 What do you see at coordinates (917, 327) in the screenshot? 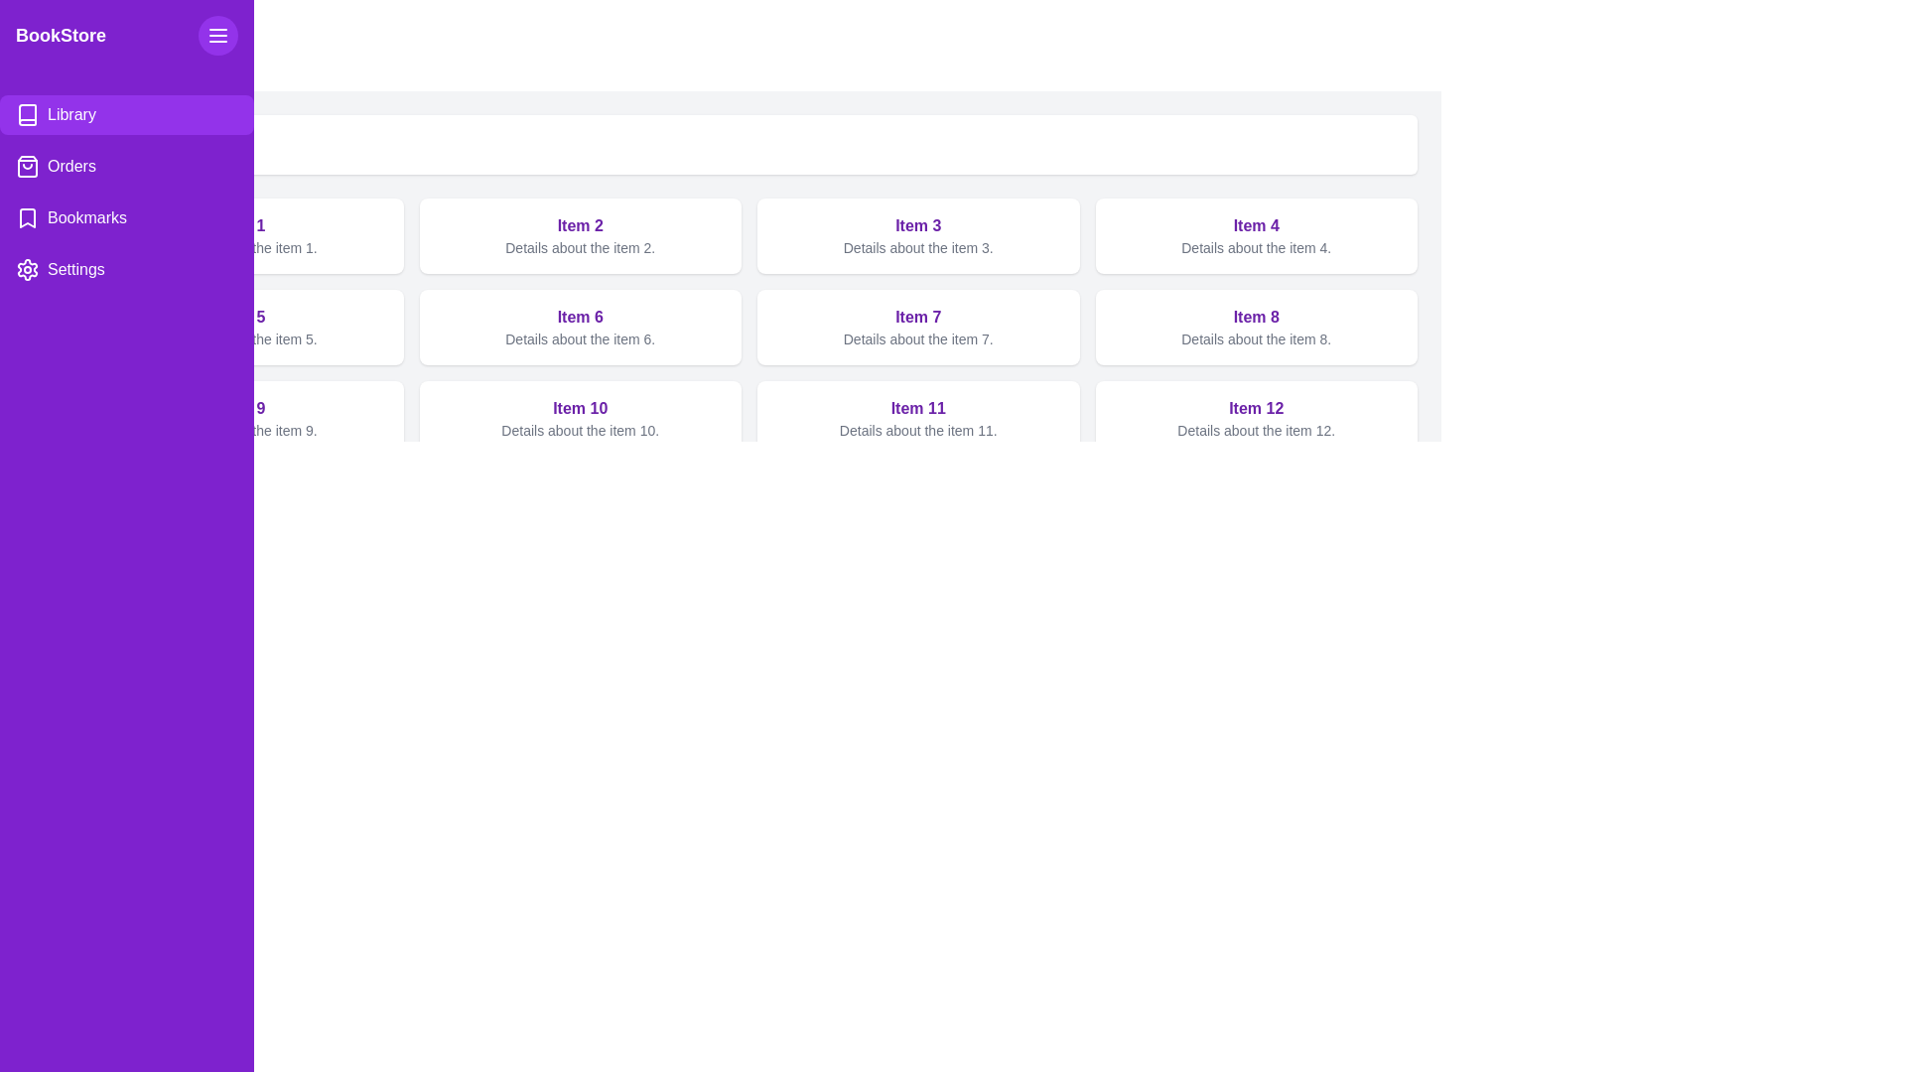
I see `the Informational card displaying details about 'Item 7', which is located in the third row and second column of the grid layout` at bounding box center [917, 327].